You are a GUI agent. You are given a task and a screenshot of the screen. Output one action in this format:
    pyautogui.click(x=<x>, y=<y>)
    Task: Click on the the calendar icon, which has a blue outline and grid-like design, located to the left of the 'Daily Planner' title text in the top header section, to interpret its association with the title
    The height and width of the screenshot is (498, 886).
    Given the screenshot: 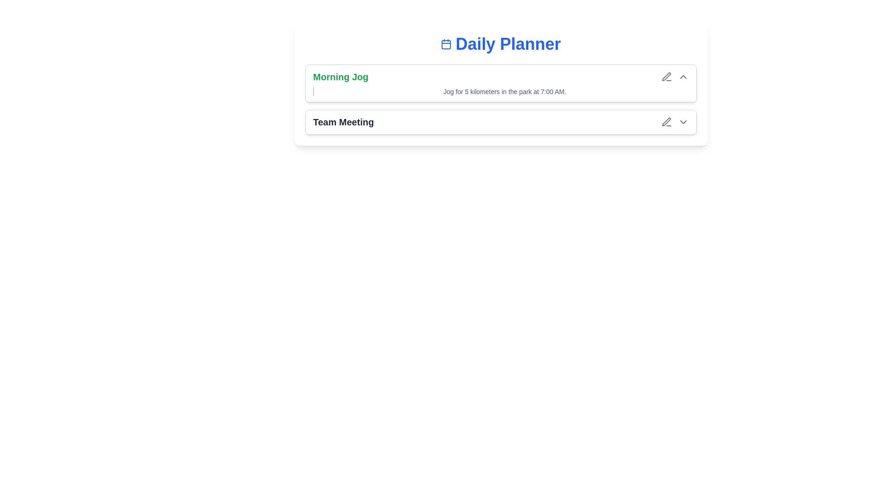 What is the action you would take?
    pyautogui.click(x=446, y=44)
    